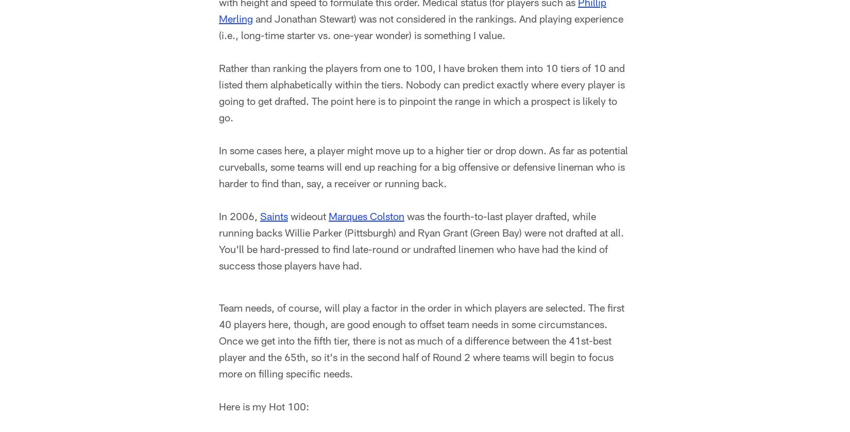 Image resolution: width=850 pixels, height=432 pixels. I want to click on 'Saints', so click(273, 218).